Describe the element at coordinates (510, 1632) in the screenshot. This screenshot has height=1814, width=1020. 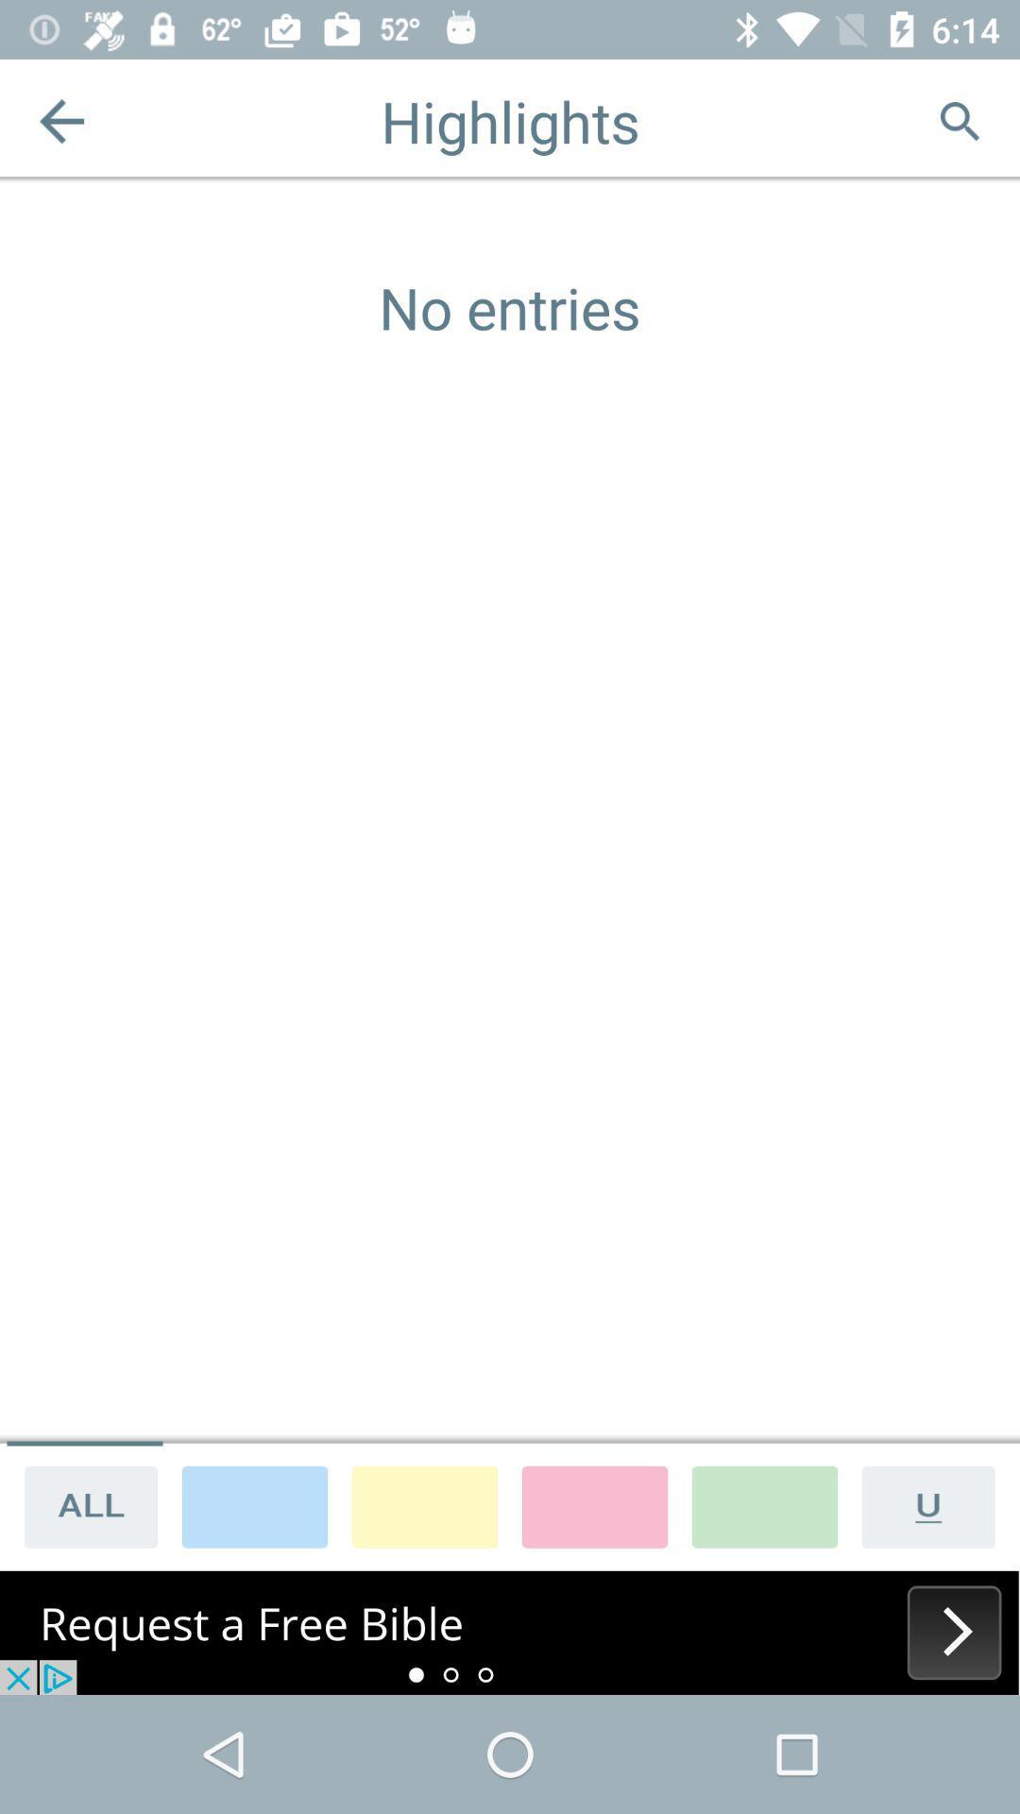
I see `in app advertisement` at that location.